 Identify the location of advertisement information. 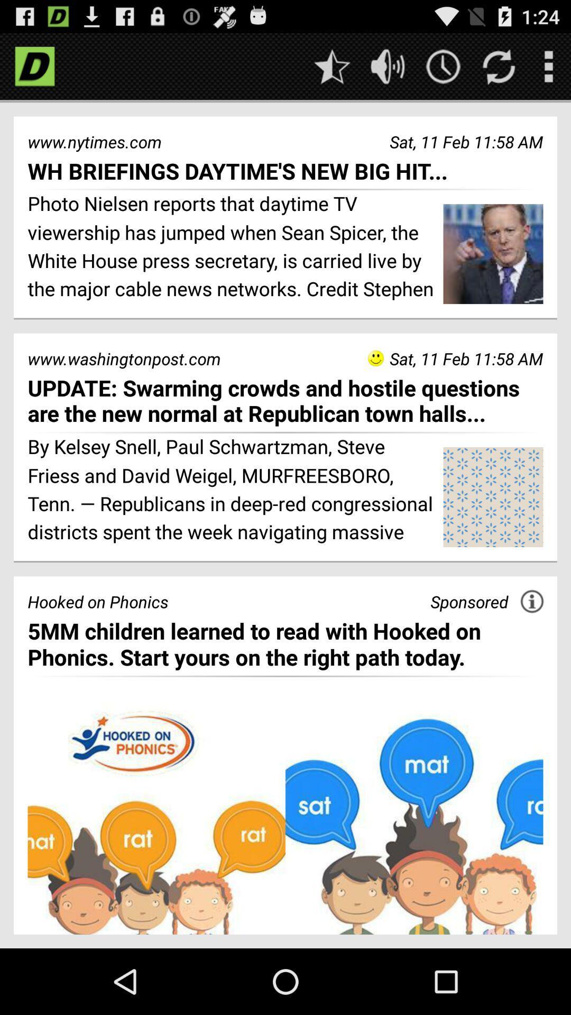
(532, 601).